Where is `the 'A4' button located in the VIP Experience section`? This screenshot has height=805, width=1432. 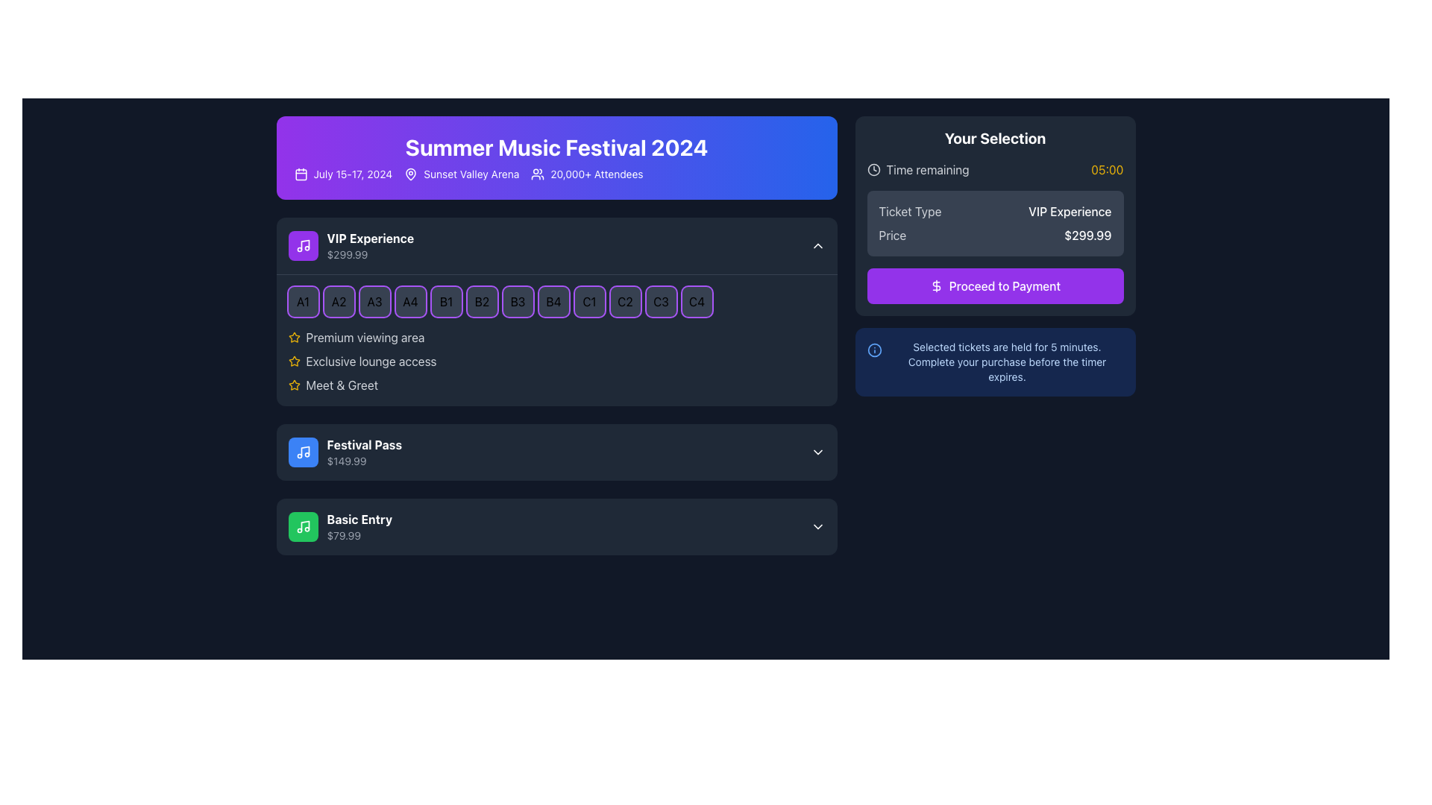 the 'A4' button located in the VIP Experience section is located at coordinates (410, 302).